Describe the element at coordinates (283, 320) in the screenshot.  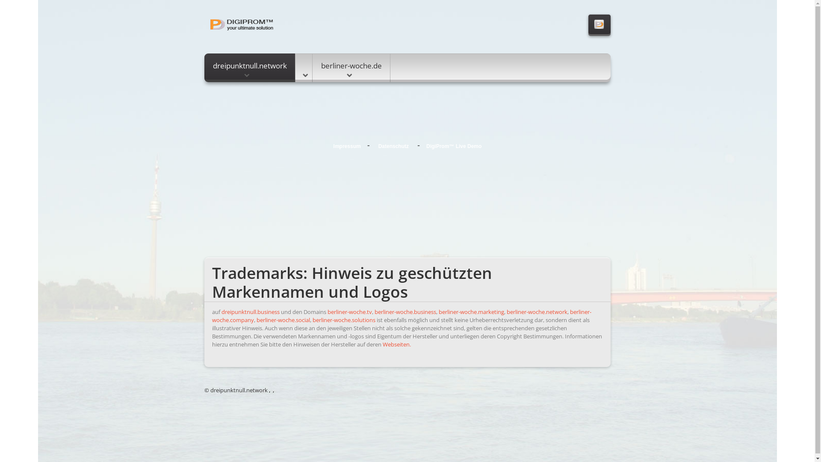
I see `'berliner-woche.social'` at that location.